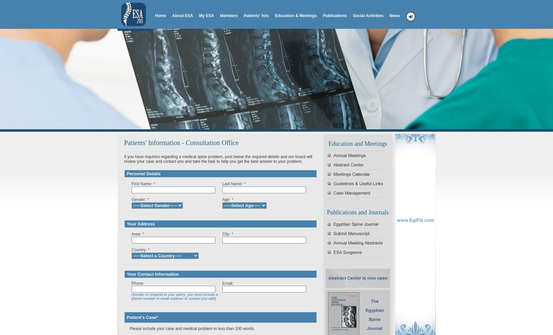  What do you see at coordinates (357, 212) in the screenshot?
I see `'Publications and Journals'` at bounding box center [357, 212].